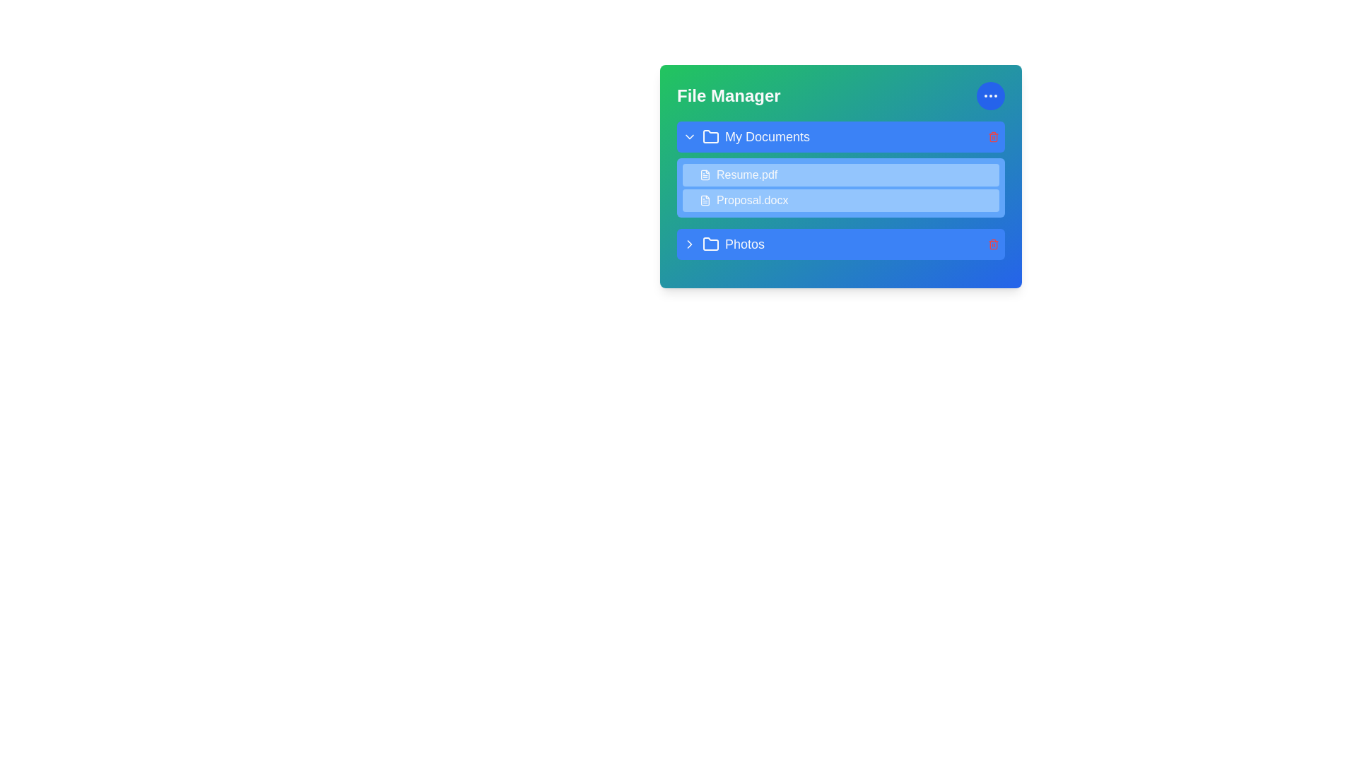  What do you see at coordinates (841, 168) in the screenshot?
I see `the files 'Resume.pdf' and 'Proposal.docx' from the Expandable section content located beneath the 'My Documents' heading in the 'File Manager' interface` at bounding box center [841, 168].